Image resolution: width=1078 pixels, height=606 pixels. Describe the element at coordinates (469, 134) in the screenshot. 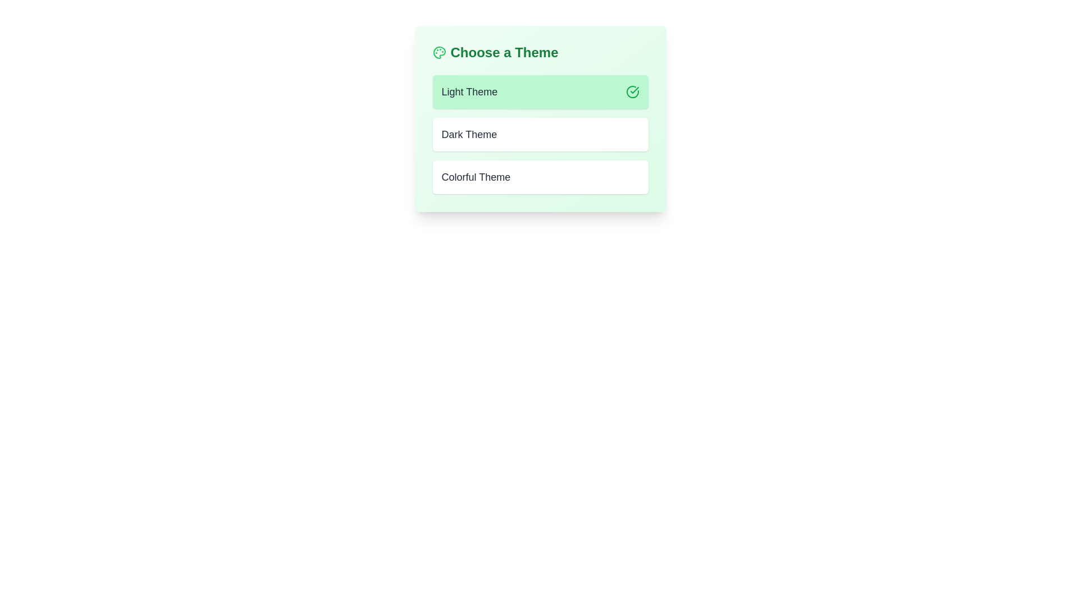

I see `the 'Dark Theme' text label, which is displayed in a bold, large font with a gray tone, located in the middle section of the theme selection interface` at that location.